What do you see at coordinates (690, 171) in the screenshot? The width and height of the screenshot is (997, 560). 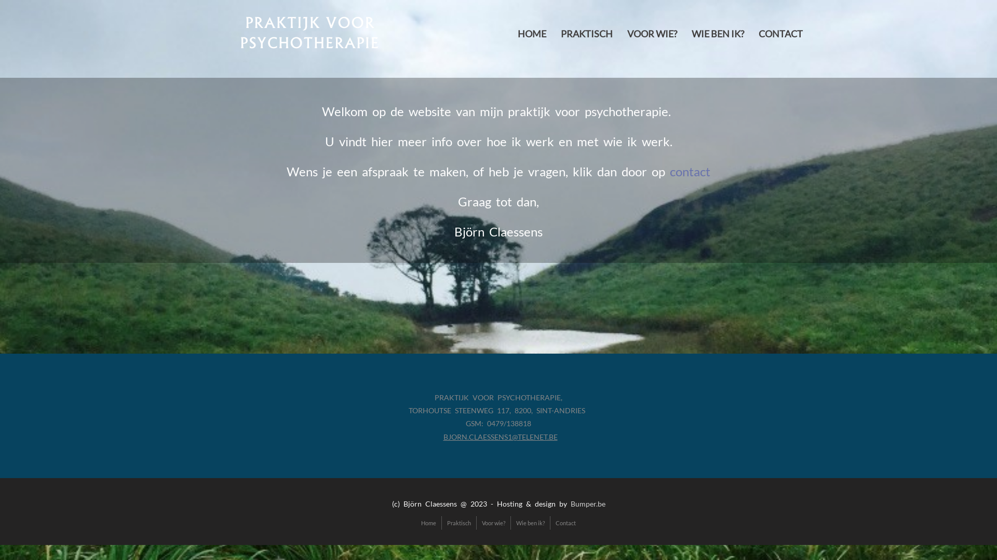 I see `'contact'` at bounding box center [690, 171].